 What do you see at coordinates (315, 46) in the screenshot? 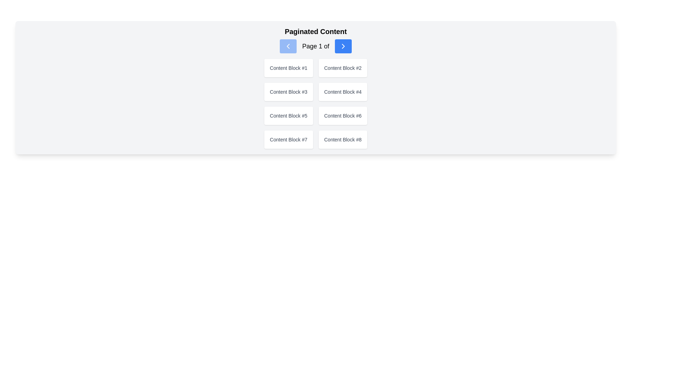
I see `the text label displaying 'Page 1 of' which serves as a page indicator in the pagination interface` at bounding box center [315, 46].